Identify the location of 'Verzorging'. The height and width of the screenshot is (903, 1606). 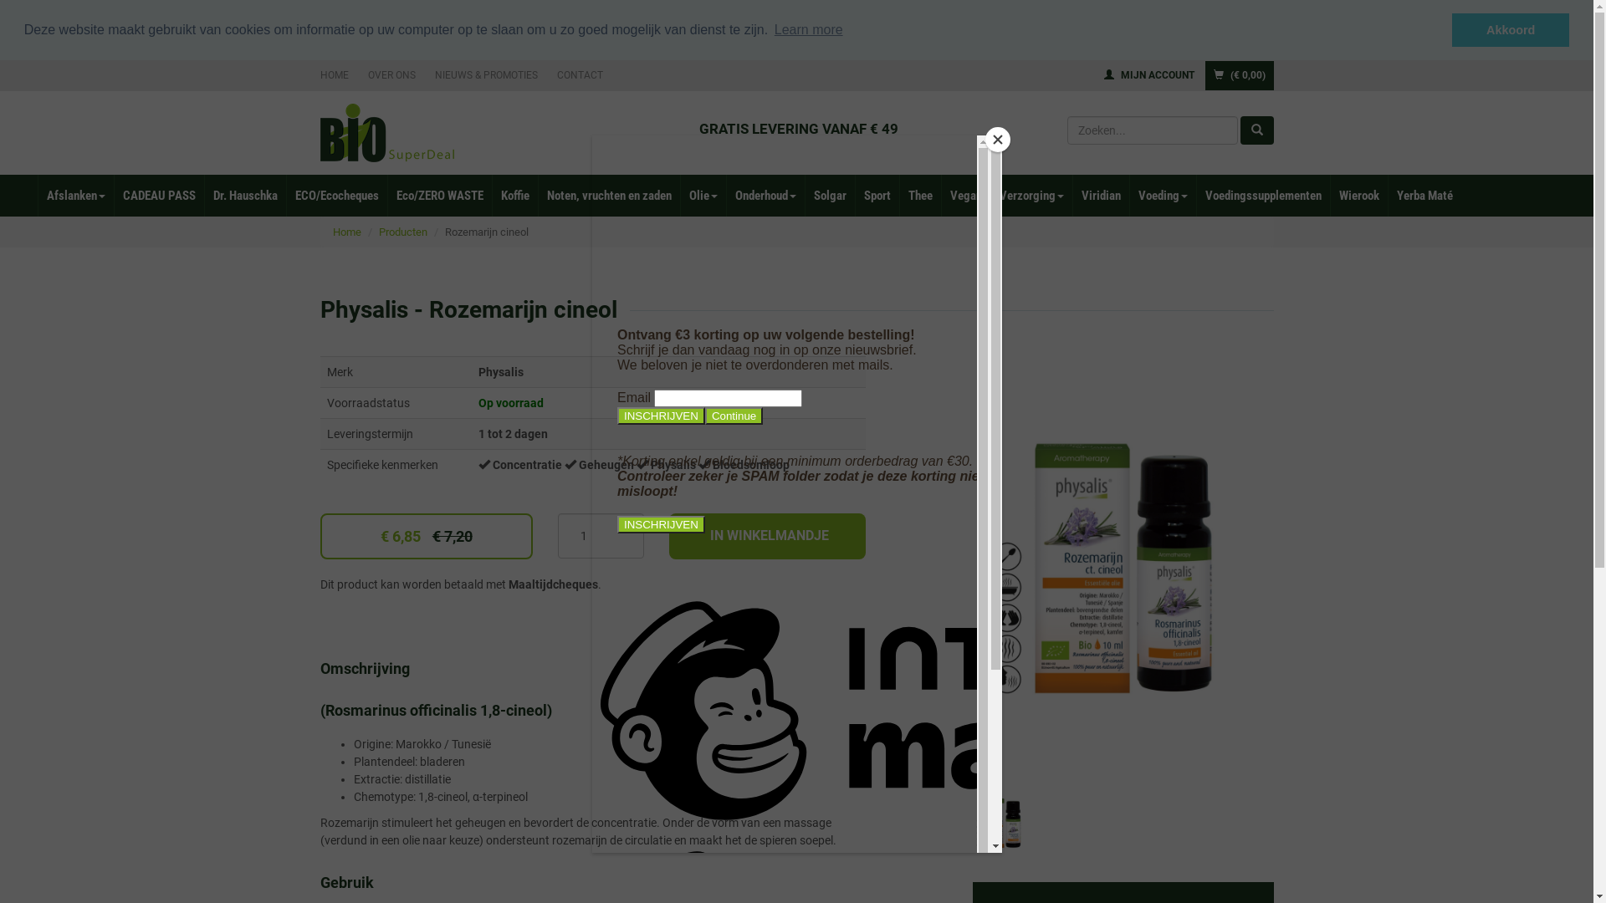
(1031, 193).